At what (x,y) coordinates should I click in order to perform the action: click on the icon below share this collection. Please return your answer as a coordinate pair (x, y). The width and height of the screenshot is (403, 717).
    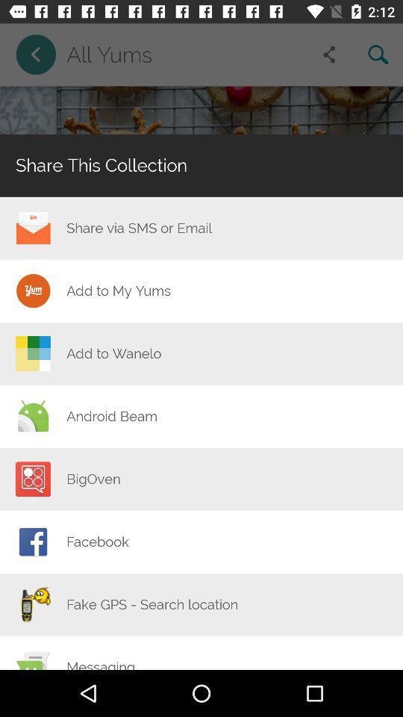
    Looking at the image, I should click on (139, 228).